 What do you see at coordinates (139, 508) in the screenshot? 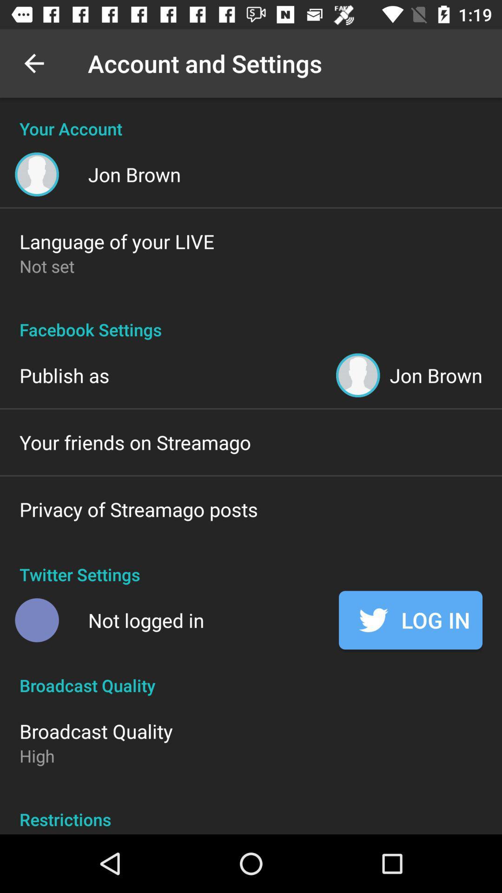
I see `the privacy of streamago item` at bounding box center [139, 508].